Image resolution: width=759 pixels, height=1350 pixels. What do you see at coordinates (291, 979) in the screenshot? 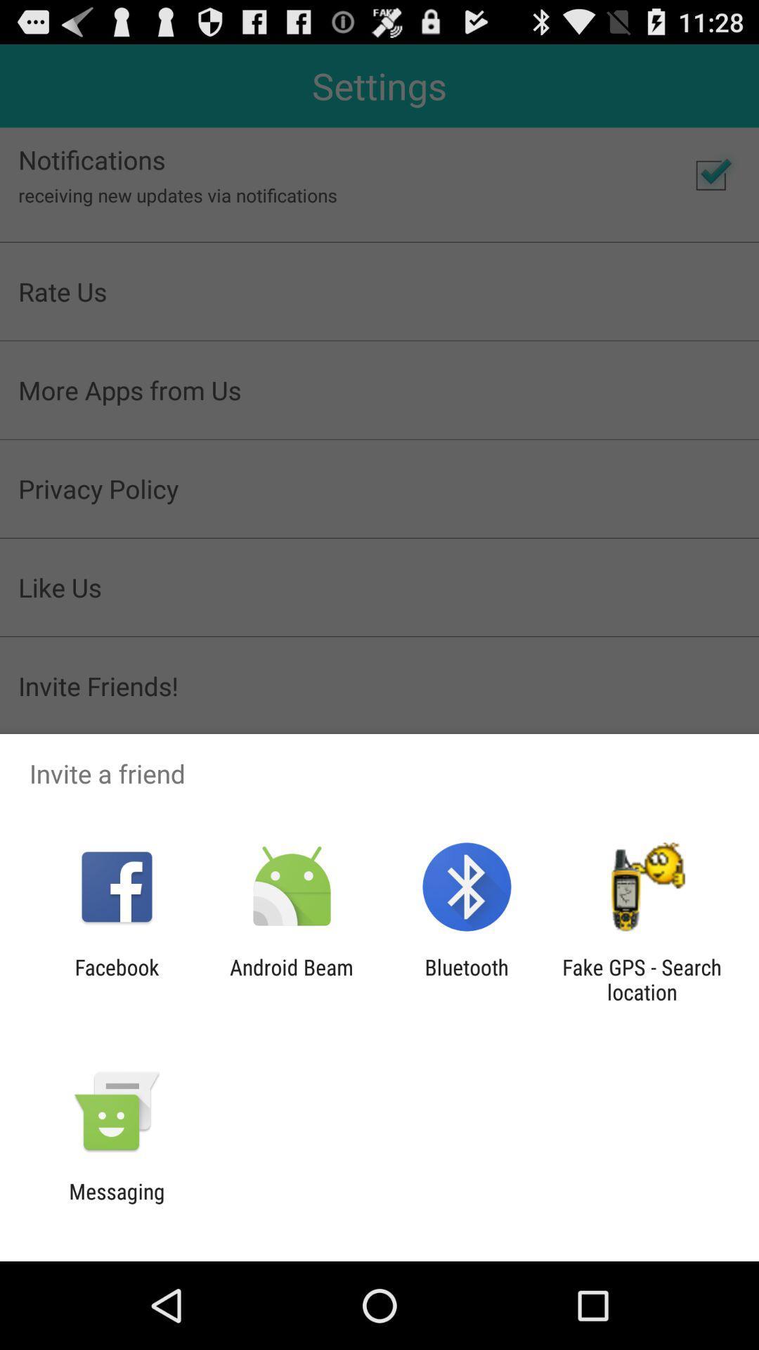
I see `the android beam app` at bounding box center [291, 979].